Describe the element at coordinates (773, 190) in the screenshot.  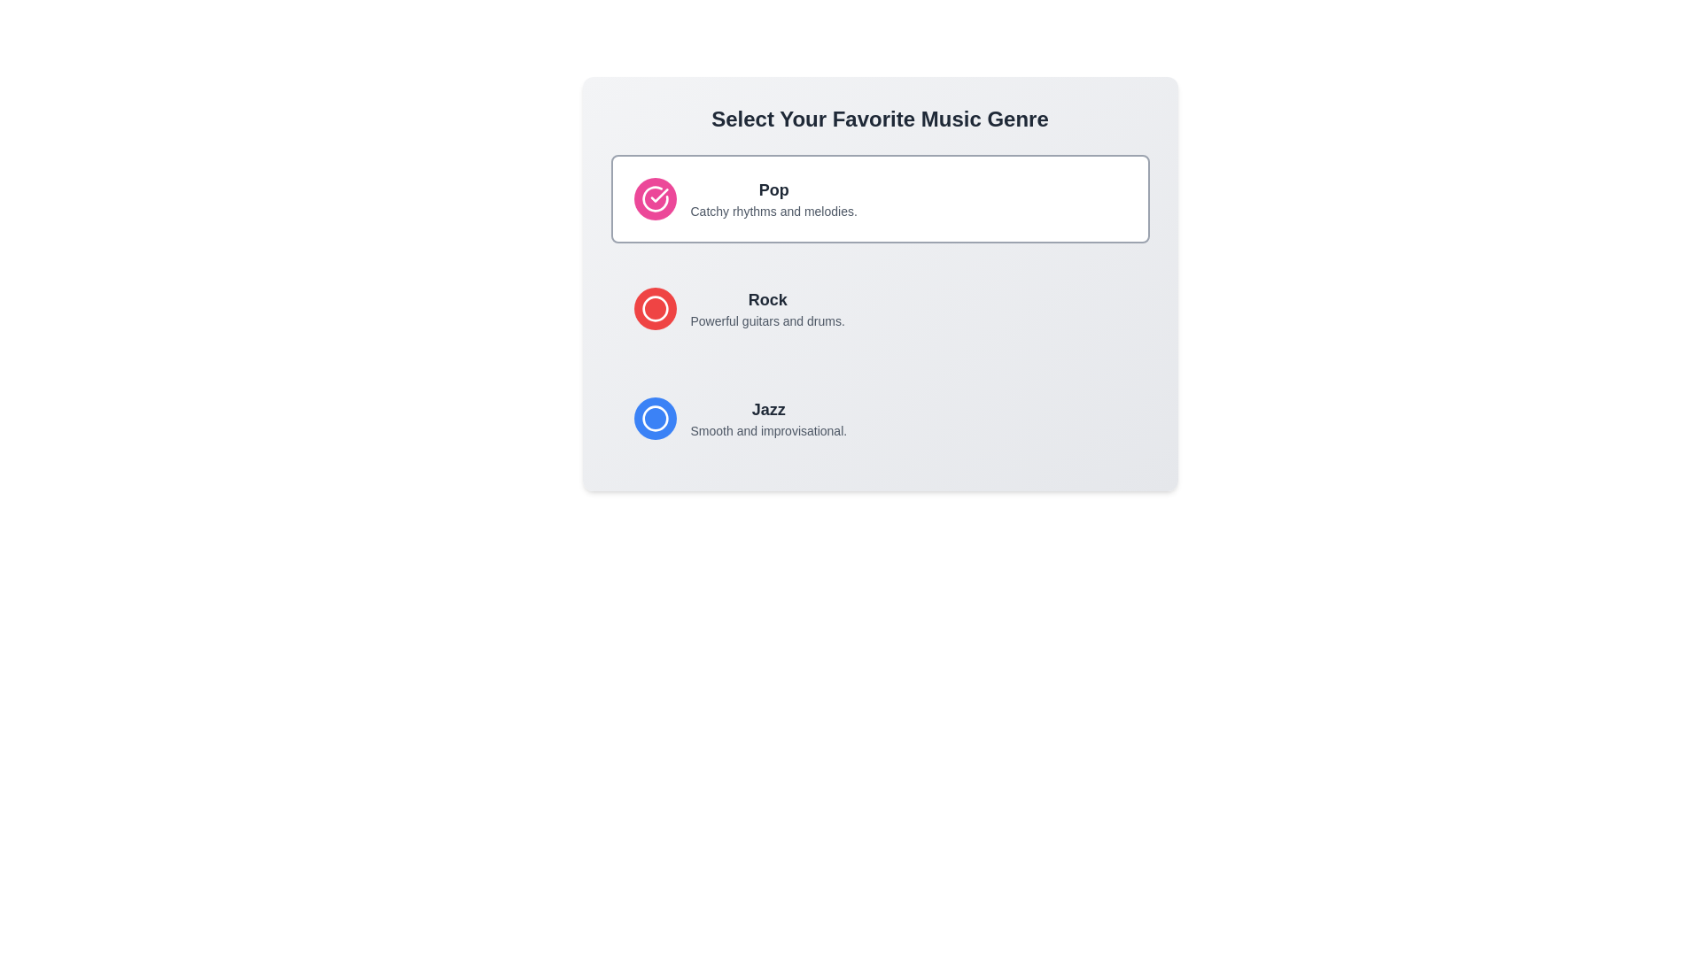
I see `the prominent text label displaying 'Pop', which is bold and large, located above the descriptive text 'Catchy rhythms and melodies'` at that location.